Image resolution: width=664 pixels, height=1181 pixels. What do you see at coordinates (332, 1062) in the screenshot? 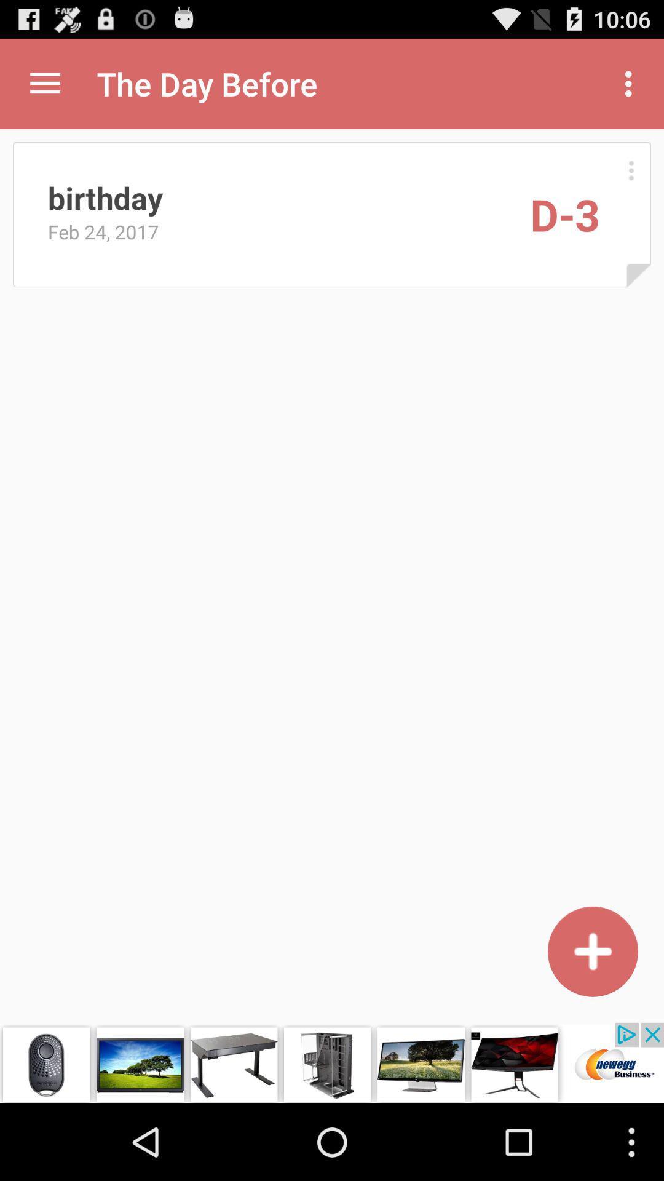
I see `advertisement` at bounding box center [332, 1062].